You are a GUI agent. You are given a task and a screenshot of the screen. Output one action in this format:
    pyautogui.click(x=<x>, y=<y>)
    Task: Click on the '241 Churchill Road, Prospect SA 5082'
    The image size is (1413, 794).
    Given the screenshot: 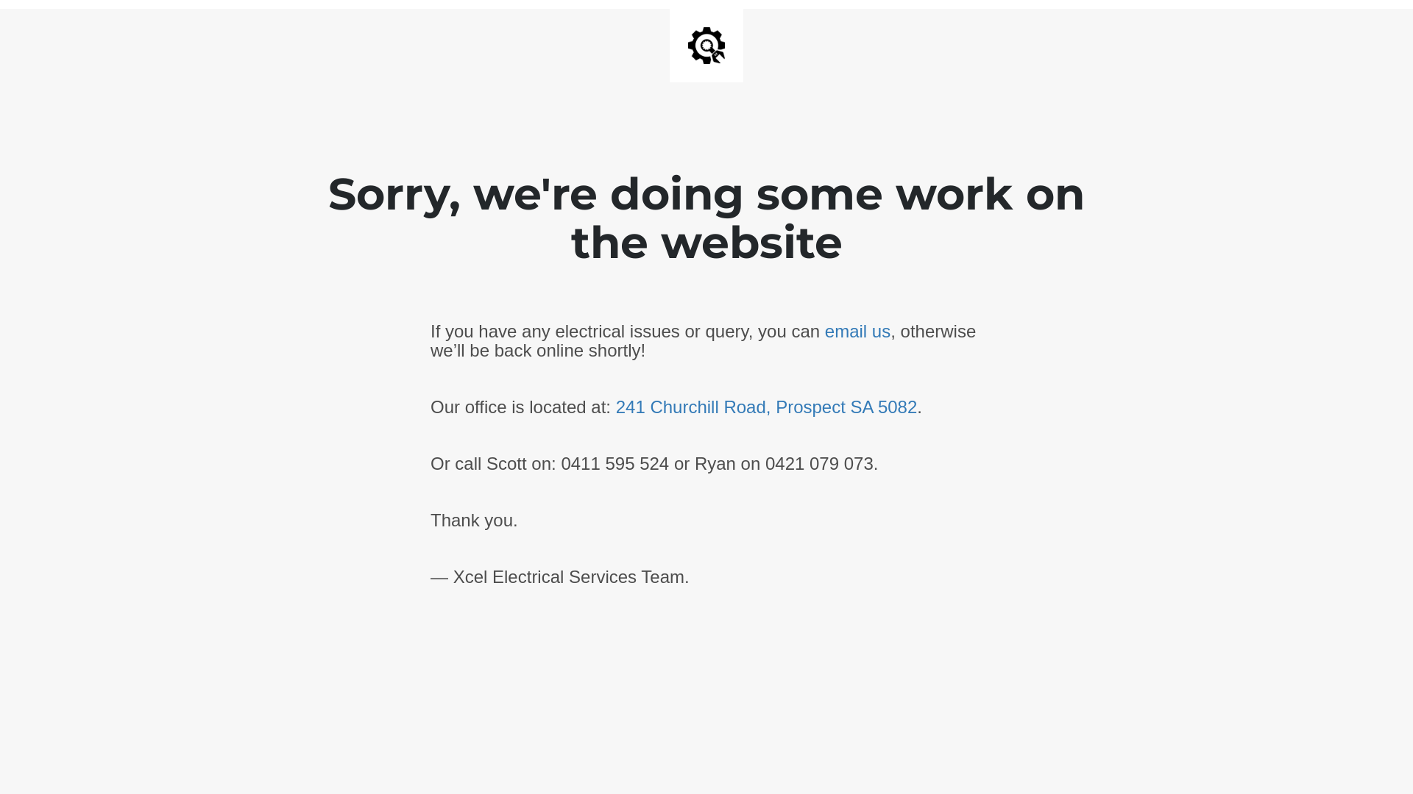 What is the action you would take?
    pyautogui.click(x=765, y=407)
    